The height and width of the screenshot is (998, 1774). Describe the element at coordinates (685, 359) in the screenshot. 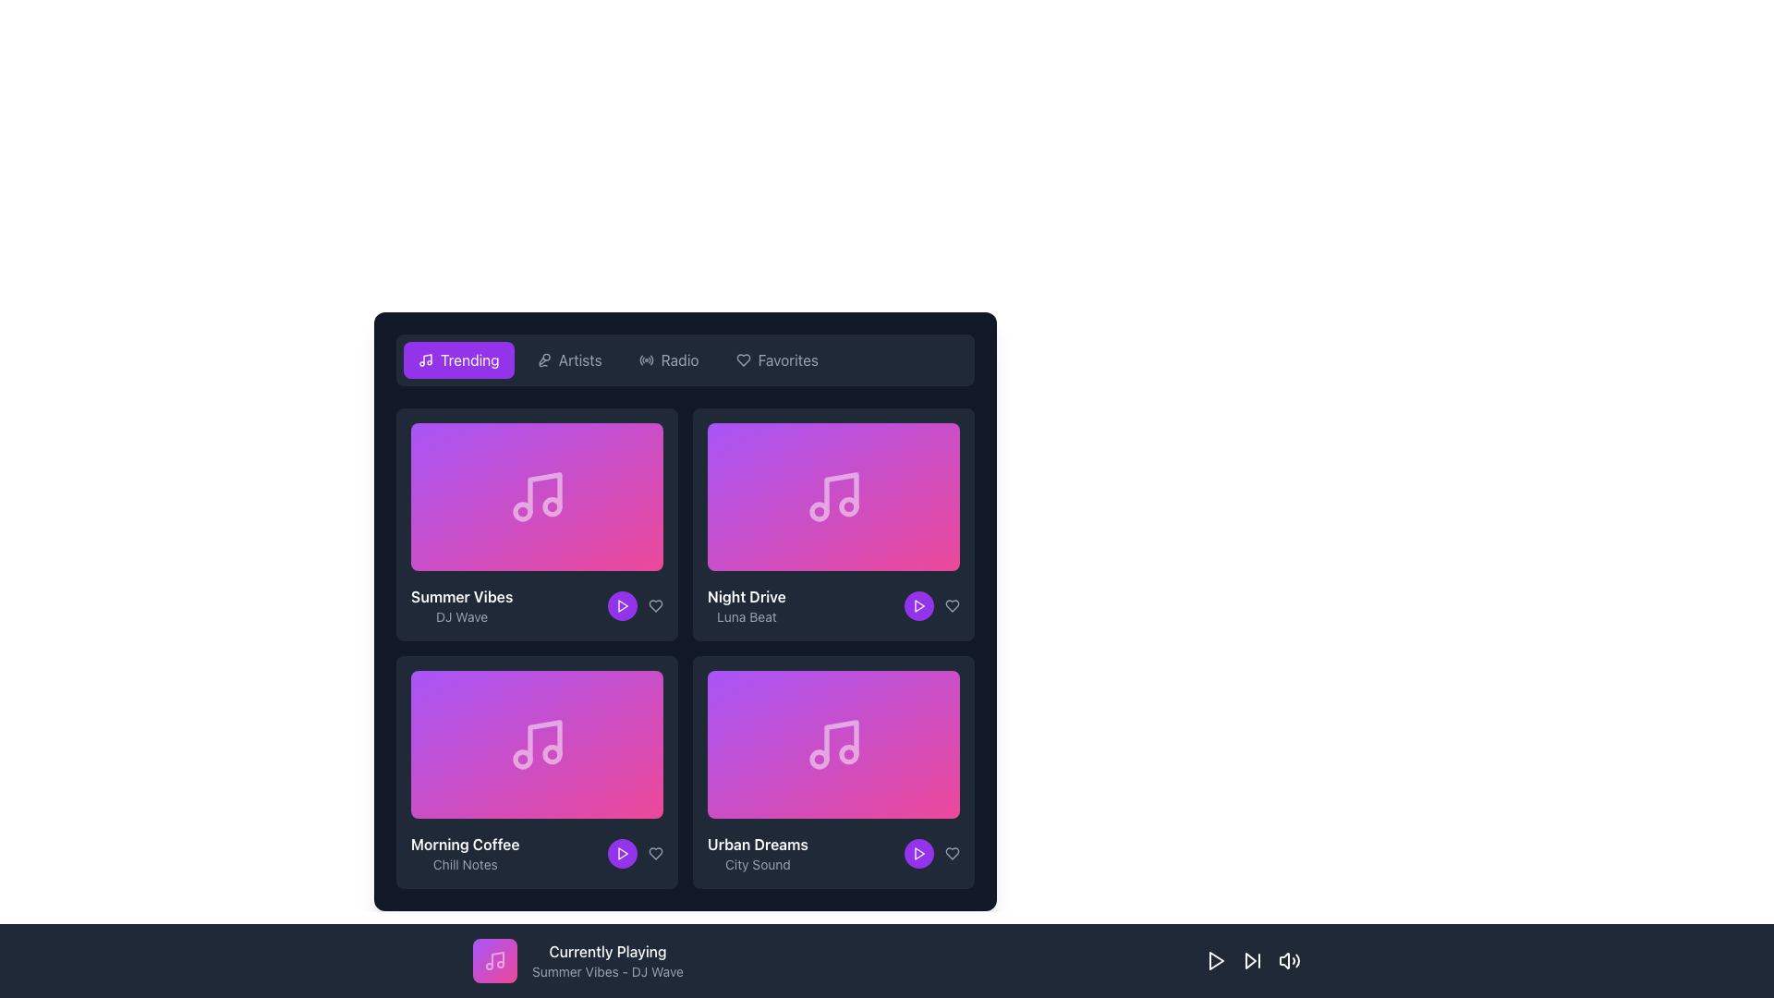

I see `the 'Radio' button in the horizontal navigation bar at the top, which is the third button styled with gray text between 'Artists' and 'Favorites'` at that location.